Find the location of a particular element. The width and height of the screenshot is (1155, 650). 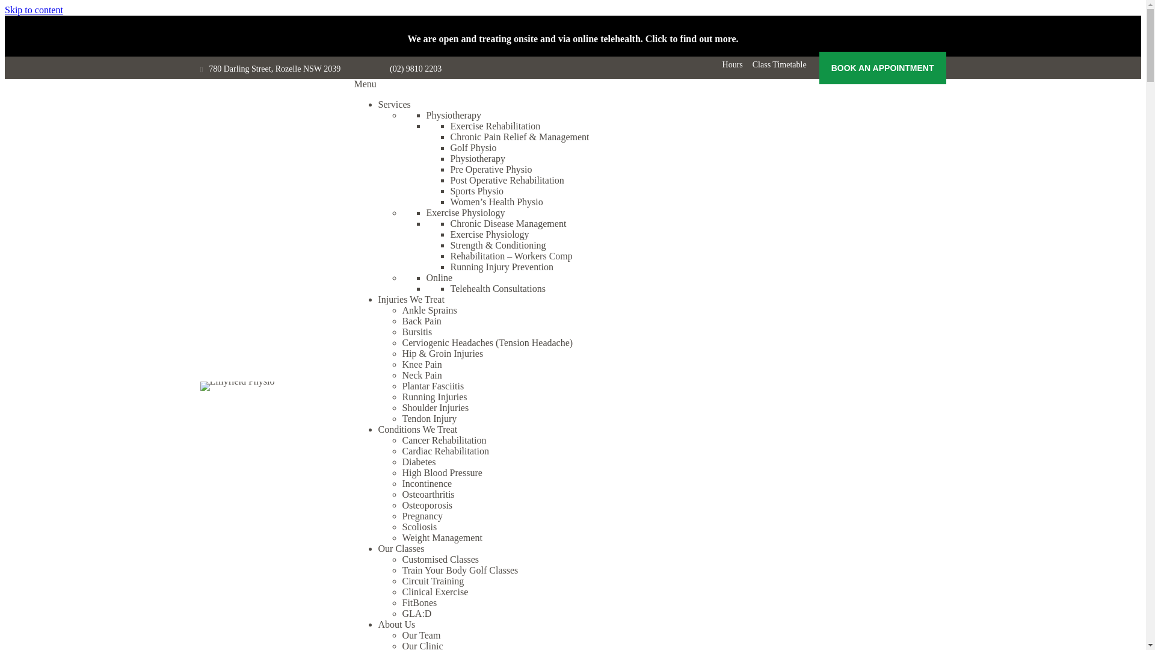

'Skip to content' is located at coordinates (34, 10).